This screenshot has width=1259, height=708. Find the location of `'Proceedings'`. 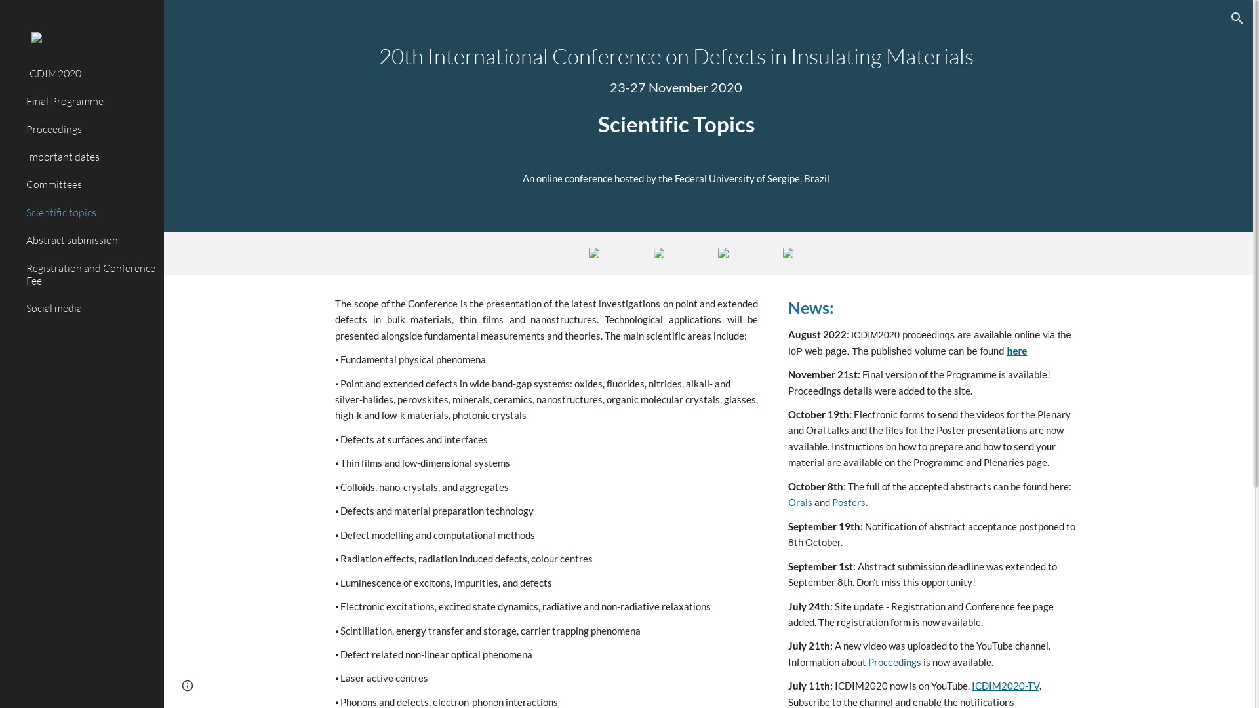

'Proceedings' is located at coordinates (894, 662).